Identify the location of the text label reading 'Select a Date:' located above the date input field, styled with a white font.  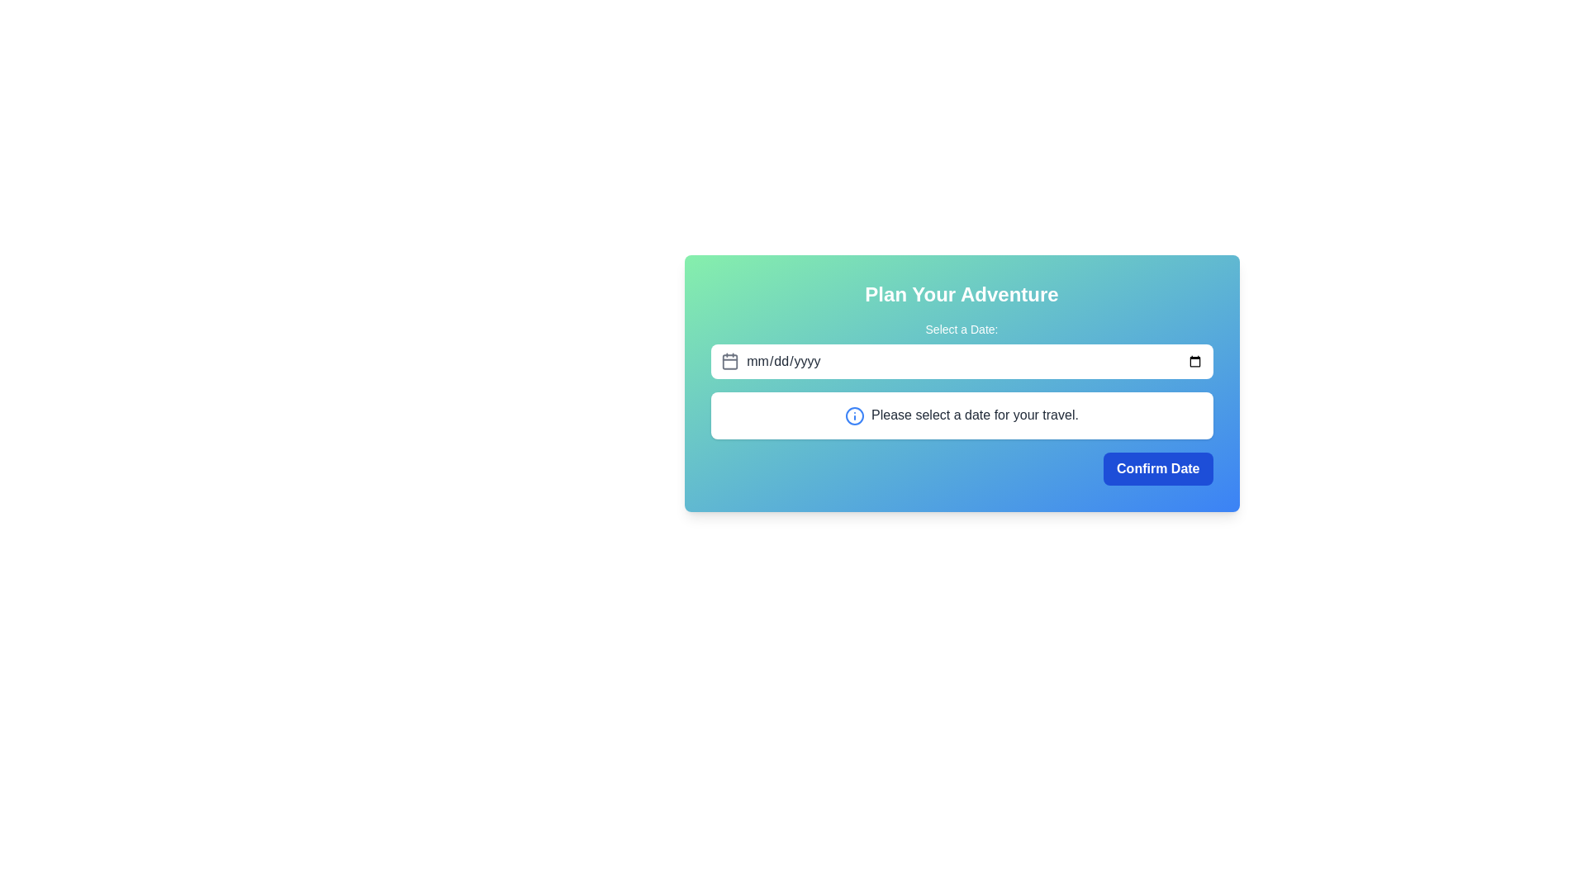
(962, 349).